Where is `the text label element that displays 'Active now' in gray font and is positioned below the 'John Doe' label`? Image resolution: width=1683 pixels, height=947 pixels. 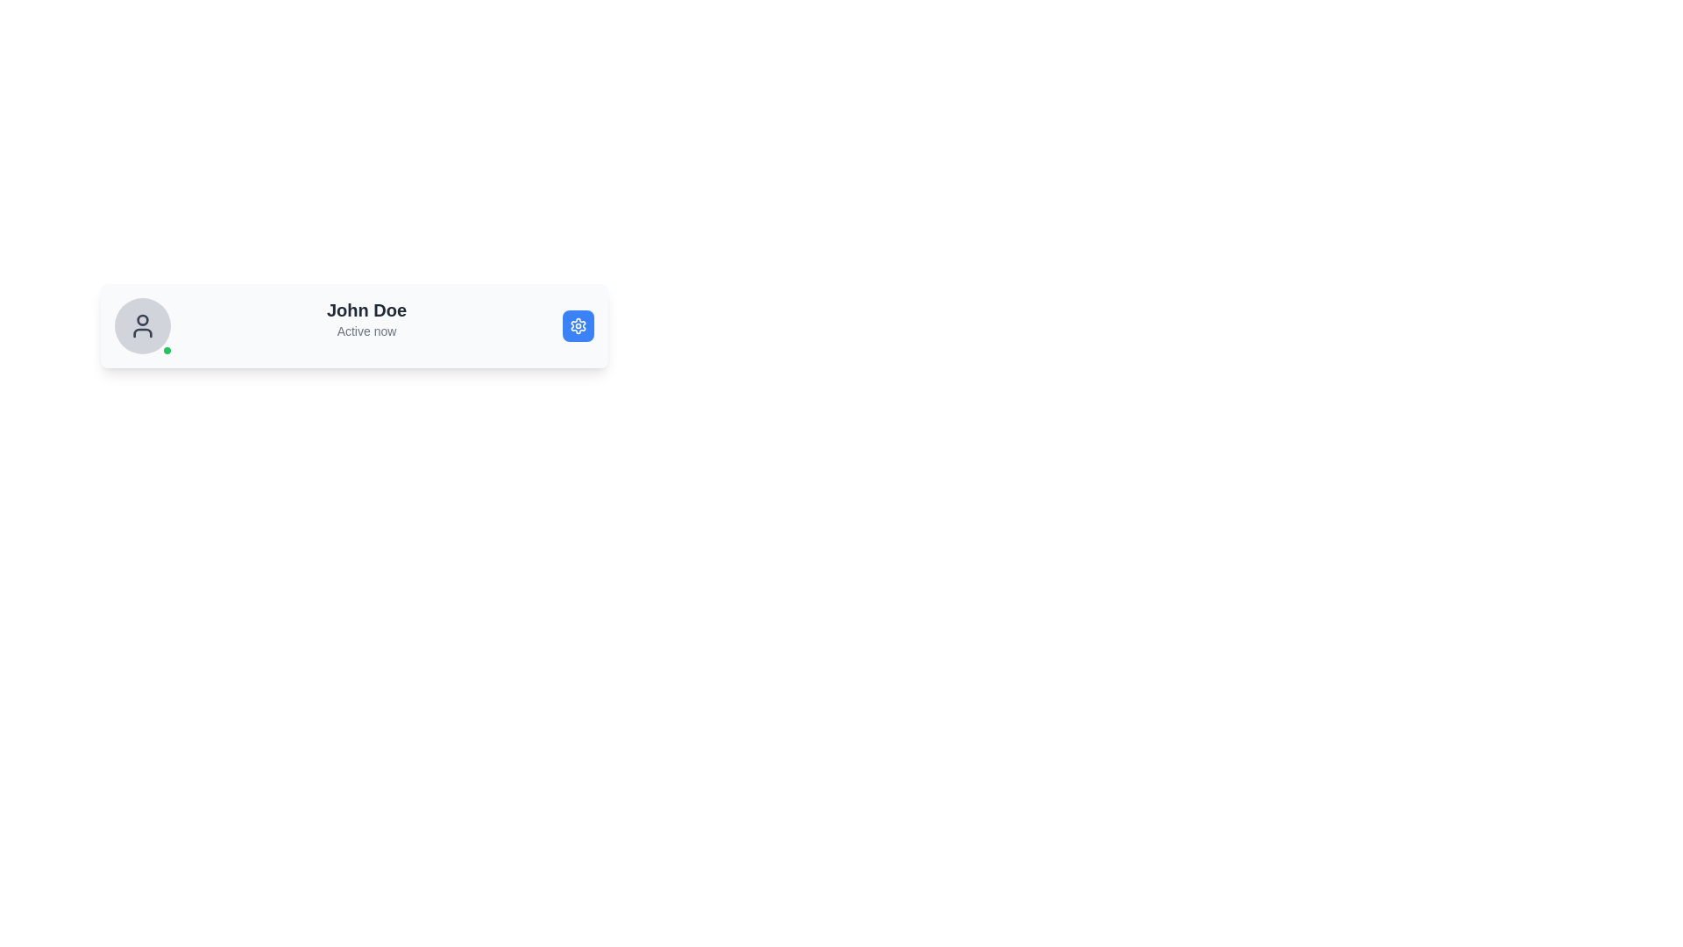 the text label element that displays 'Active now' in gray font and is positioned below the 'John Doe' label is located at coordinates (366, 331).